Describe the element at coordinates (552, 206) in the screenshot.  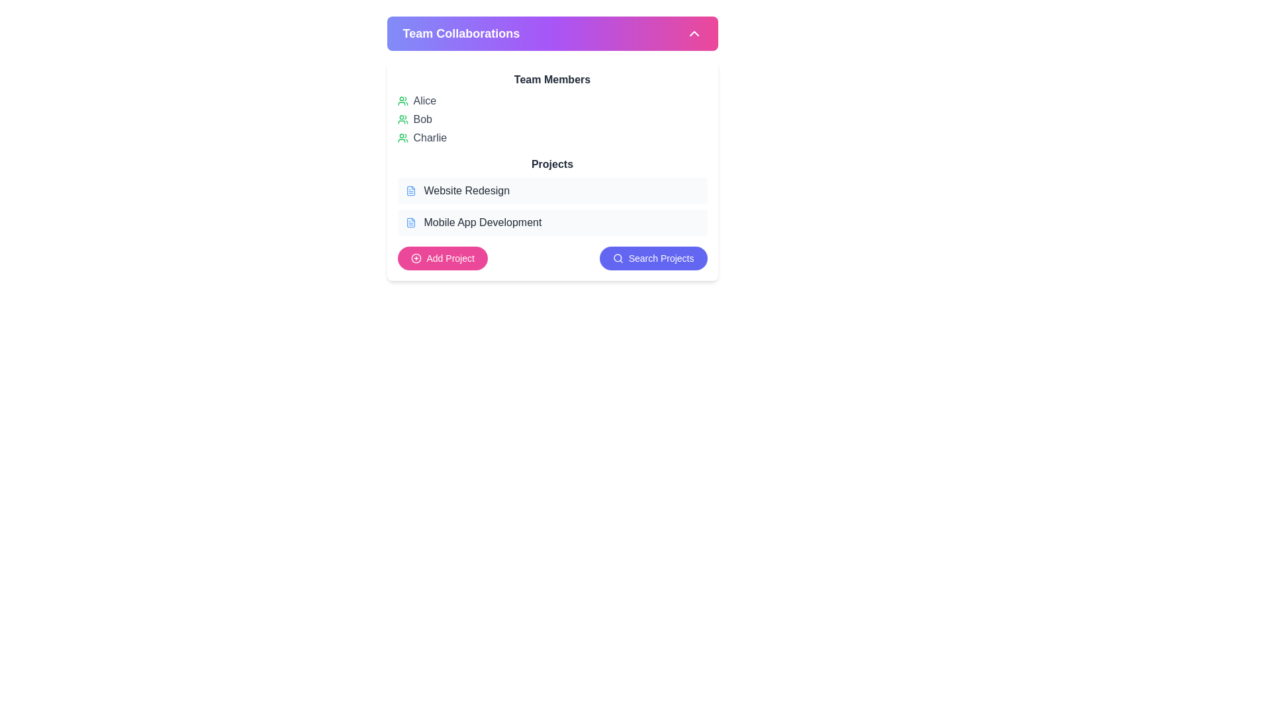
I see `the project name button` at that location.